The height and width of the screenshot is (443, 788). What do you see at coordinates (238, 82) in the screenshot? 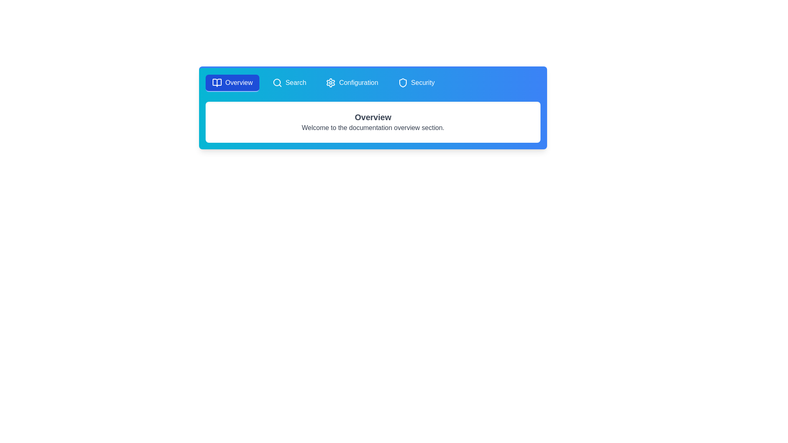
I see `the 'Overview' text label within the navigation button located in the top-left corner of the interface` at bounding box center [238, 82].